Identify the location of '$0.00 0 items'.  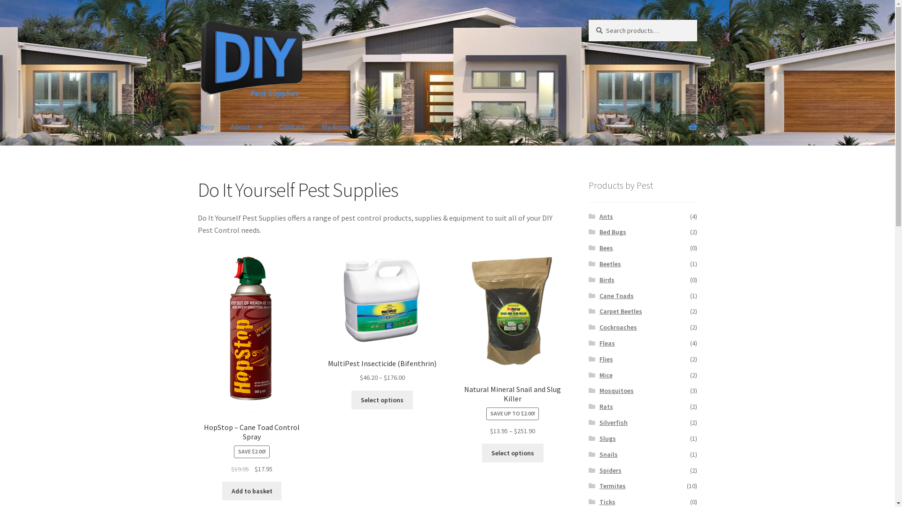
(642, 127).